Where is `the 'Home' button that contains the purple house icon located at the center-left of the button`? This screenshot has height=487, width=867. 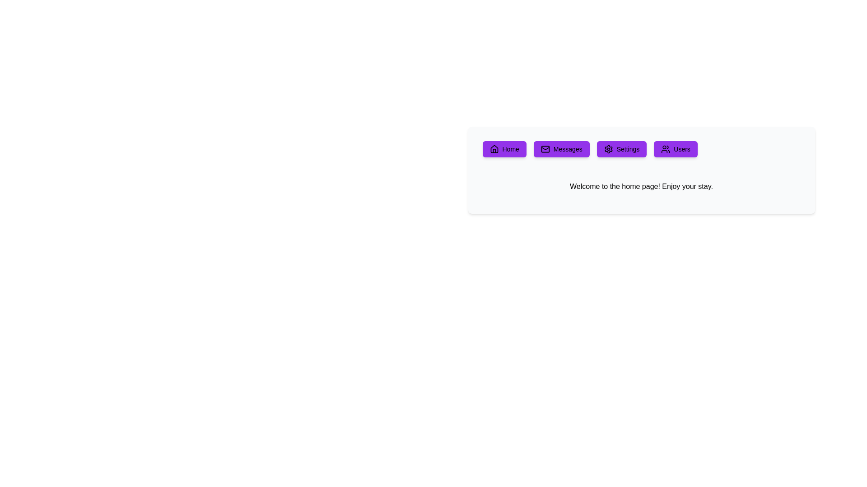
the 'Home' button that contains the purple house icon located at the center-left of the button is located at coordinates (494, 149).